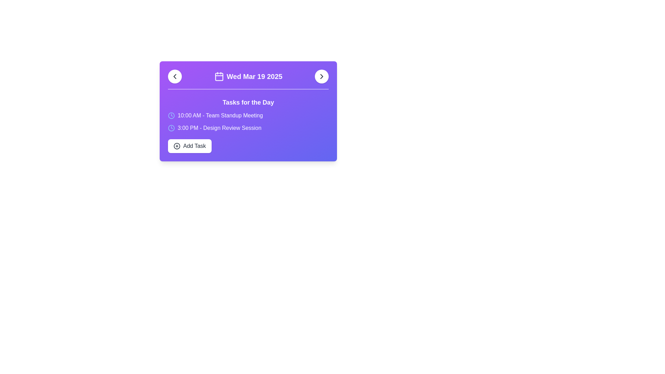 The height and width of the screenshot is (374, 665). Describe the element at coordinates (175, 76) in the screenshot. I see `the left-pointing chevron arrow icon located in the top-left area of the card interface, next to the date 'Wed Mar 19 2025'` at that location.